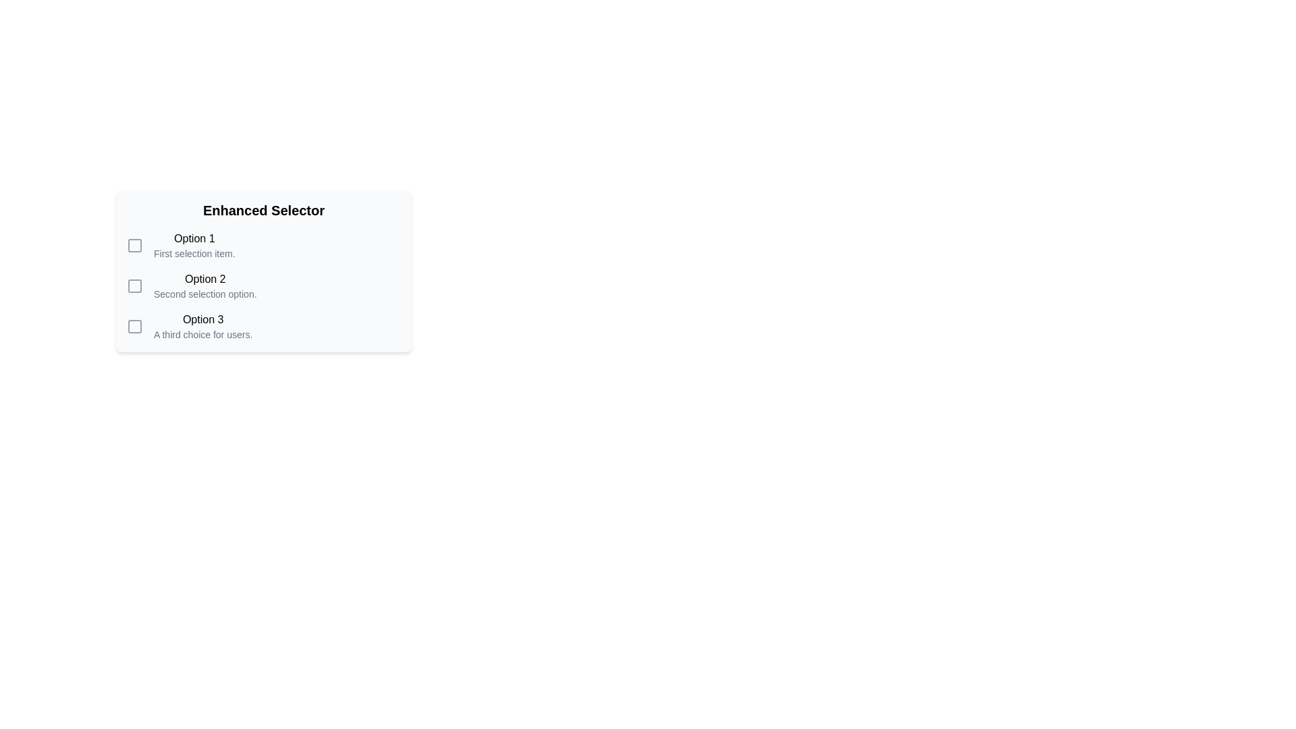 Image resolution: width=1296 pixels, height=729 pixels. I want to click on the unselected checkbox located to the left of 'Option 2Second selection option' in the 'Enhanced Selector' list, so click(135, 286).